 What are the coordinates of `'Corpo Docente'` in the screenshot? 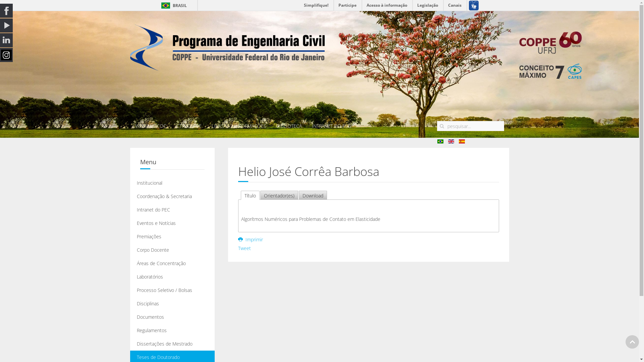 It's located at (130, 250).